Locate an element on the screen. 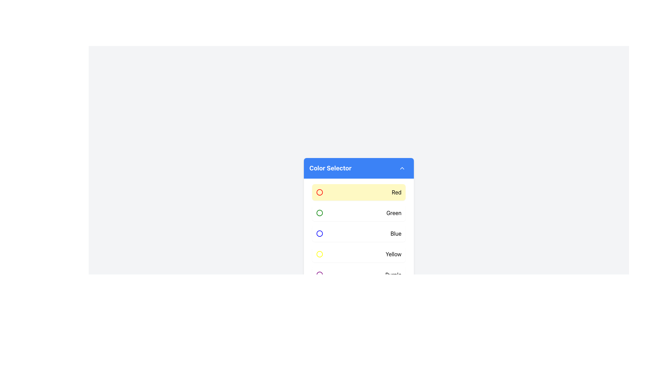  the circular red-filled icon with a white border located within the yellow-highlighted rectangular area to the left of the text label 'Red' in the 'Color Selector' dropdown list is located at coordinates (319, 192).